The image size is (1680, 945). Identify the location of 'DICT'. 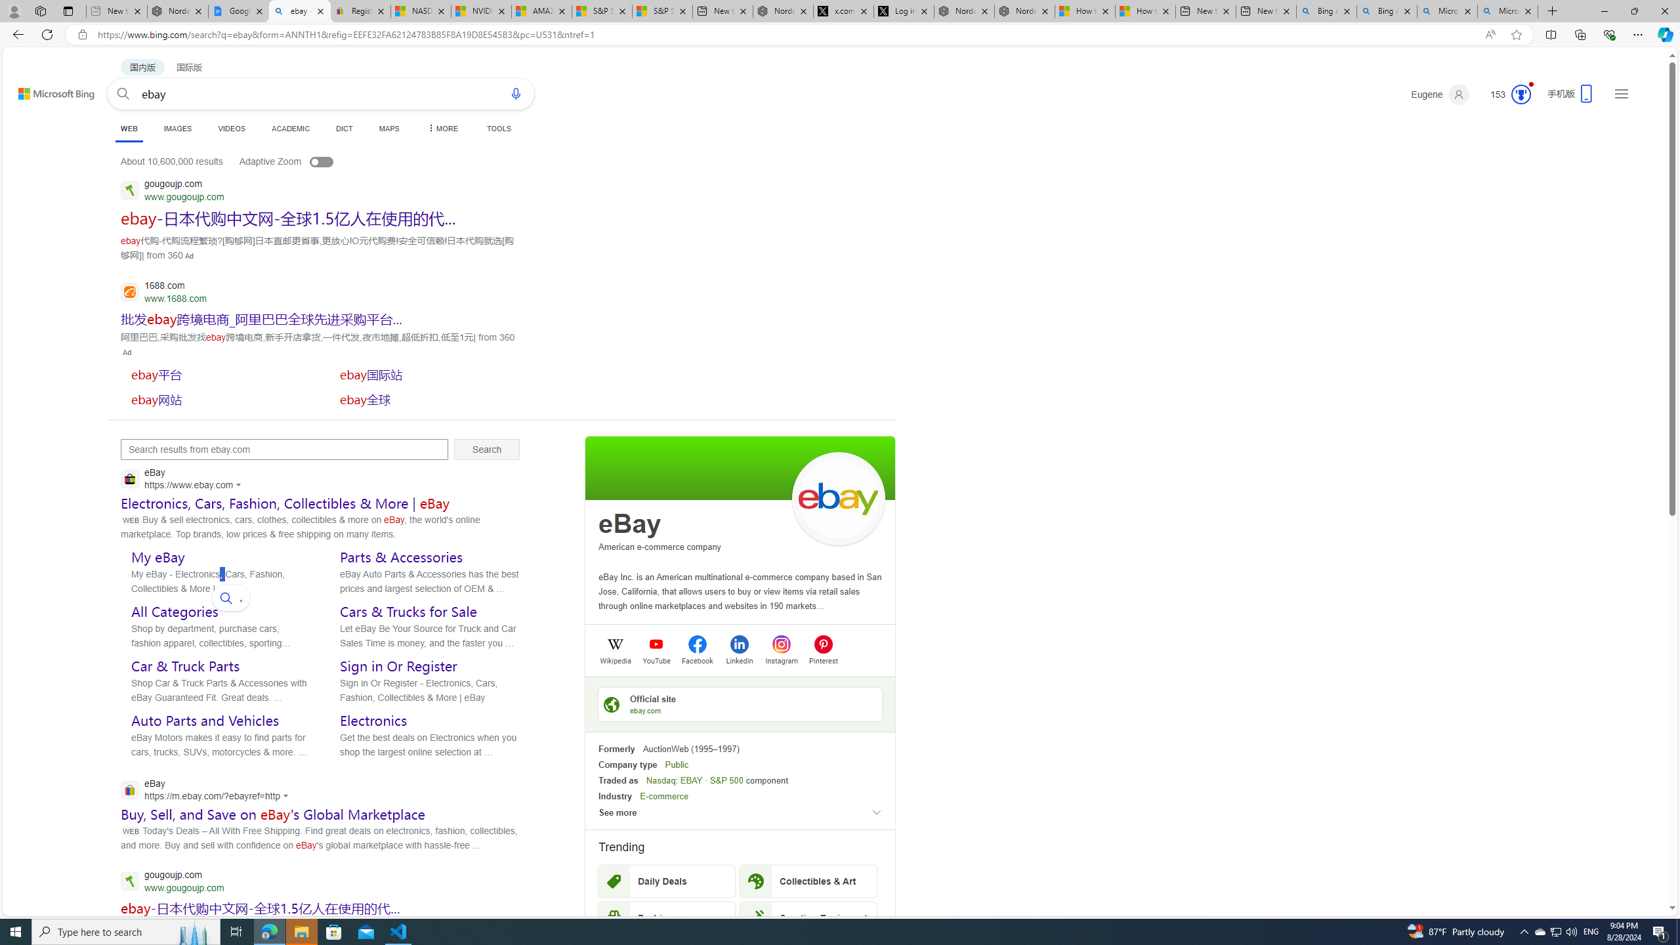
(343, 128).